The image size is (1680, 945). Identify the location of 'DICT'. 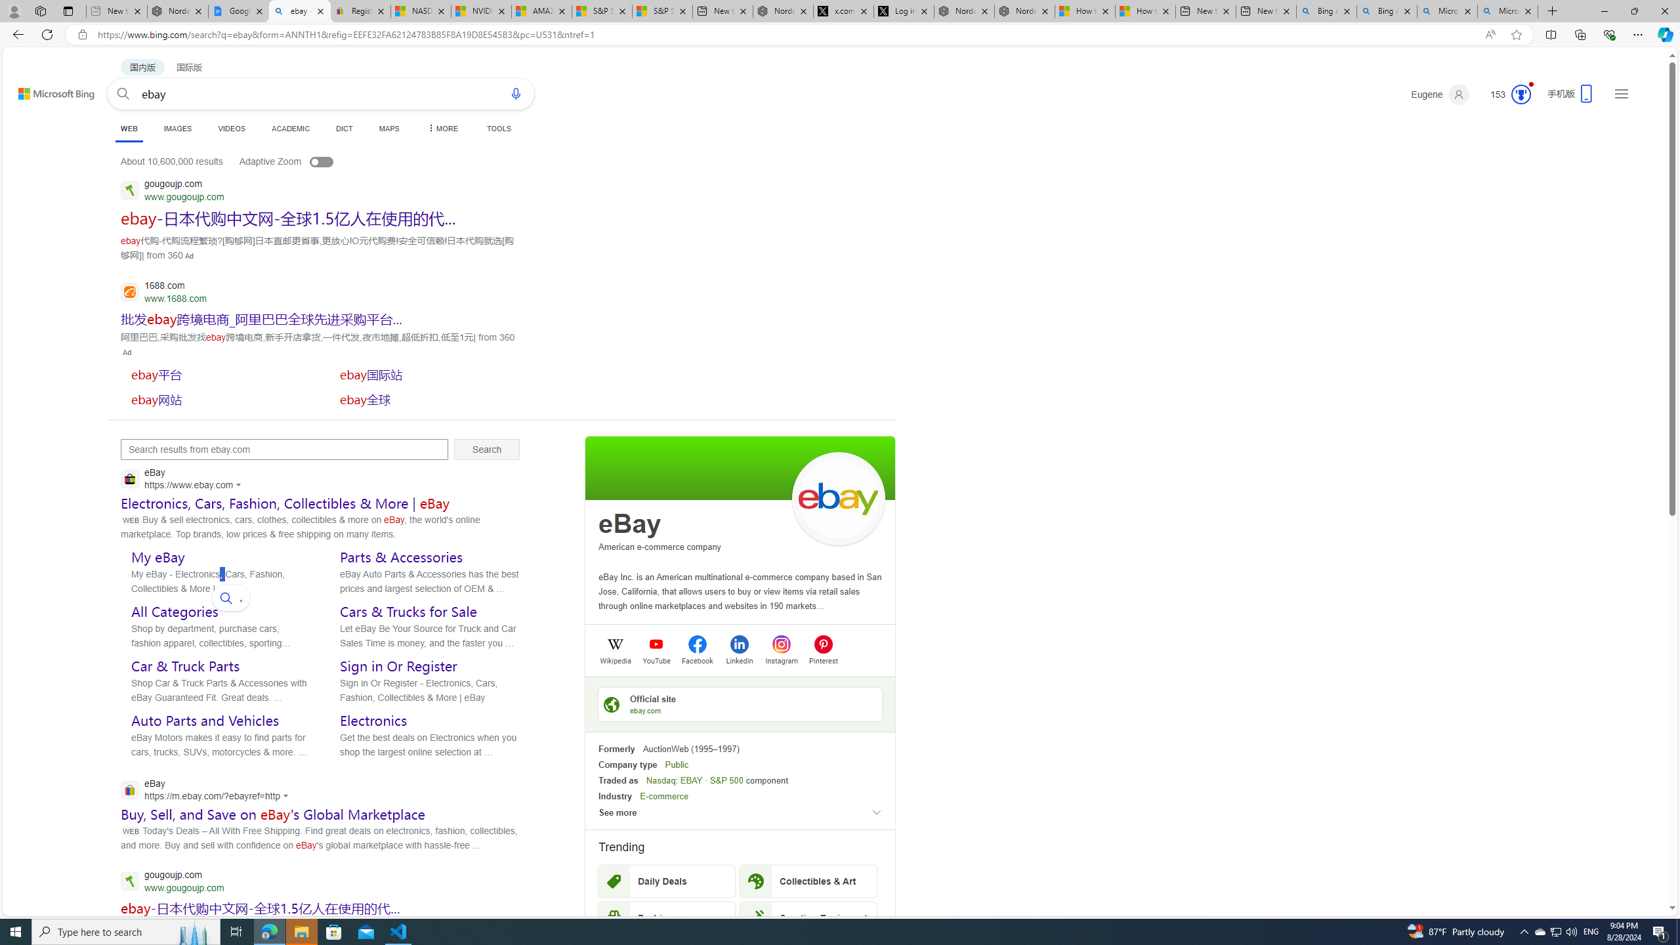
(343, 128).